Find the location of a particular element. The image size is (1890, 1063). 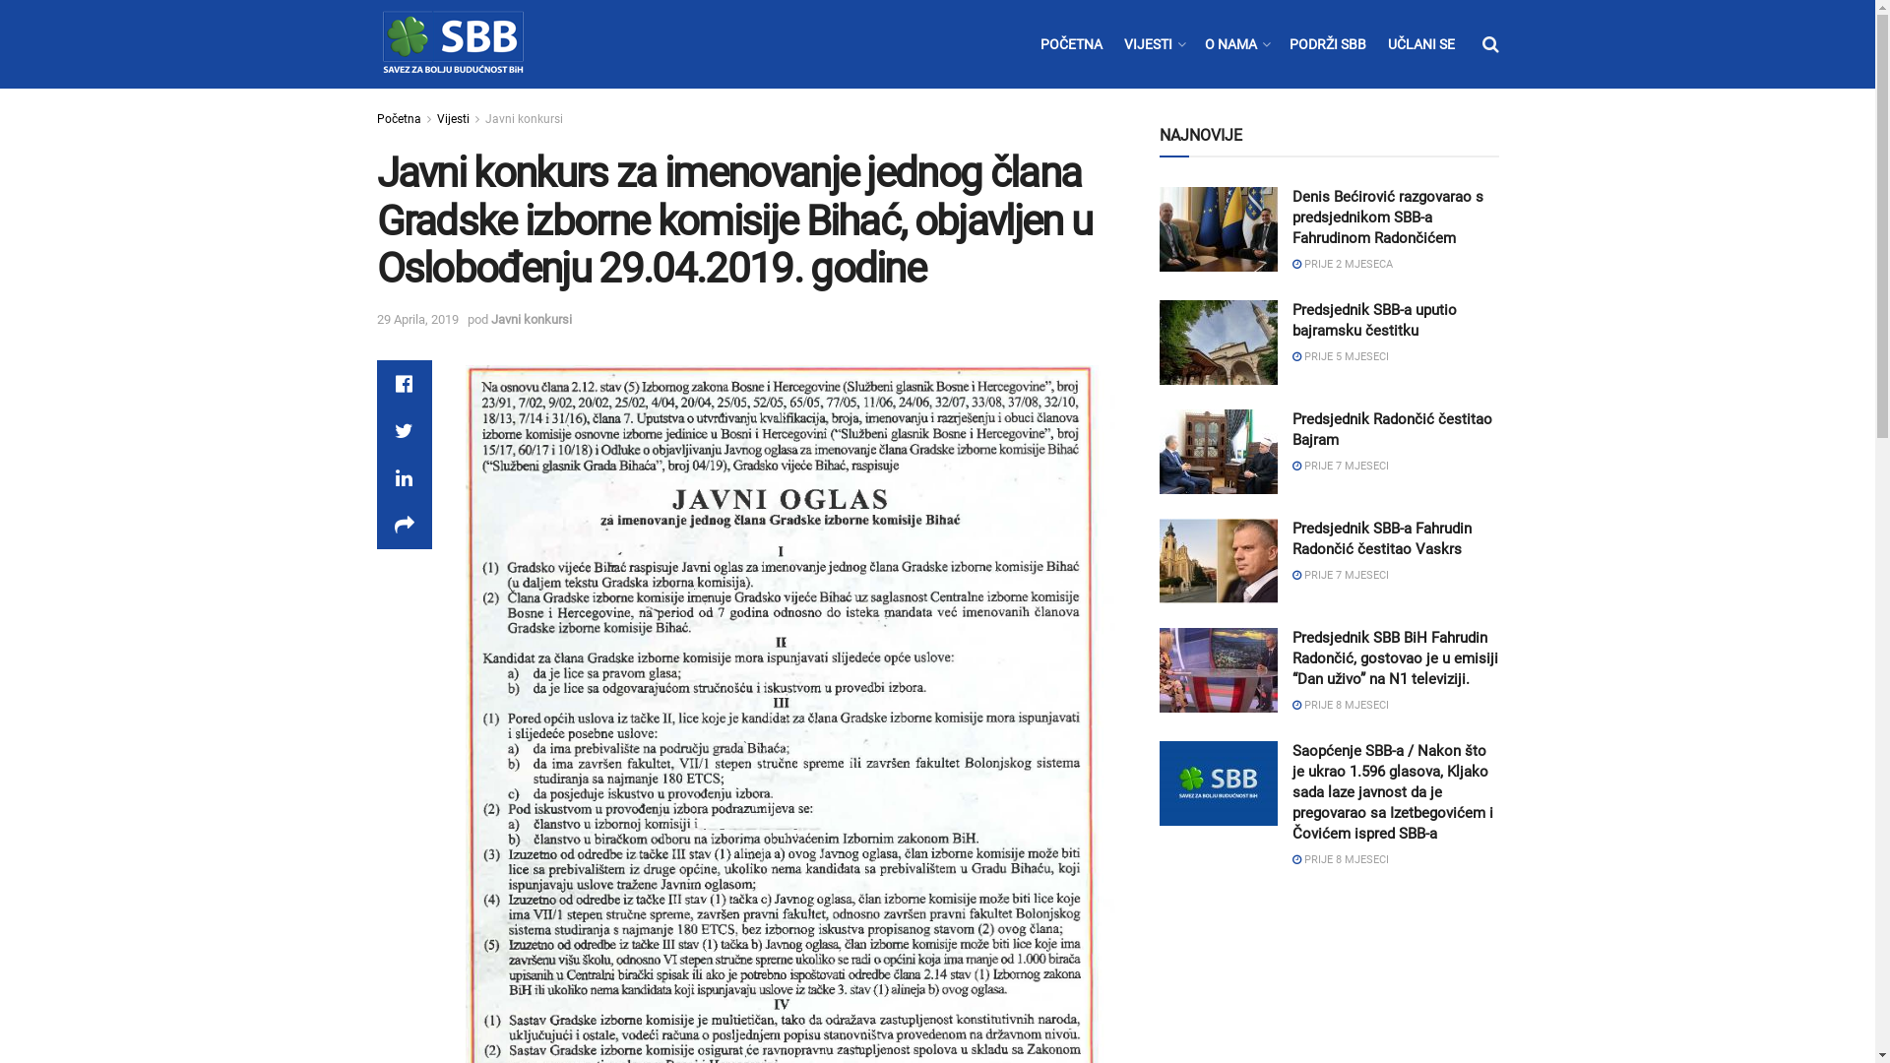

'O NAMA' is located at coordinates (1235, 44).